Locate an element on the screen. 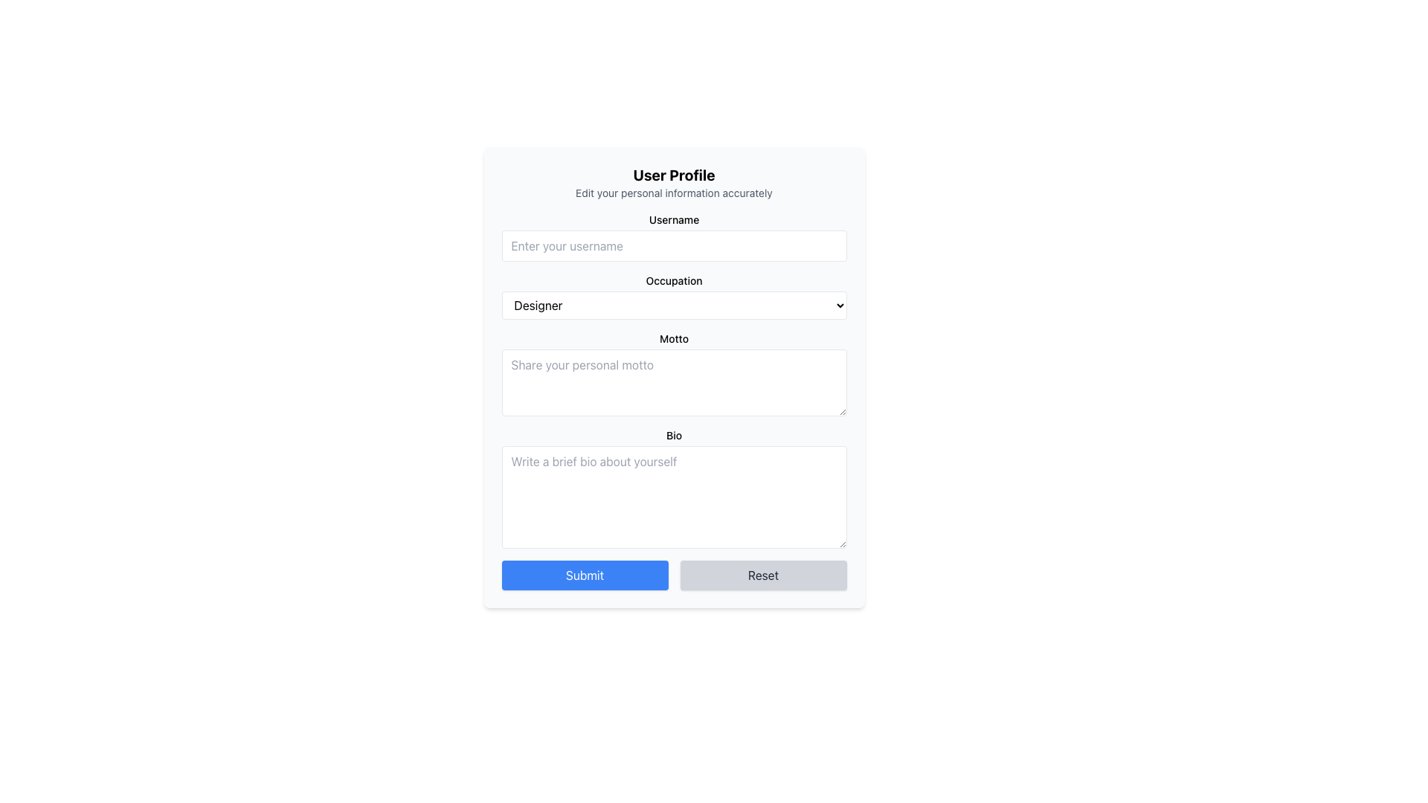 This screenshot has width=1428, height=803. the static text element providing guidance about the user profile form, located directly below the 'User Profile' header is located at coordinates (673, 192).